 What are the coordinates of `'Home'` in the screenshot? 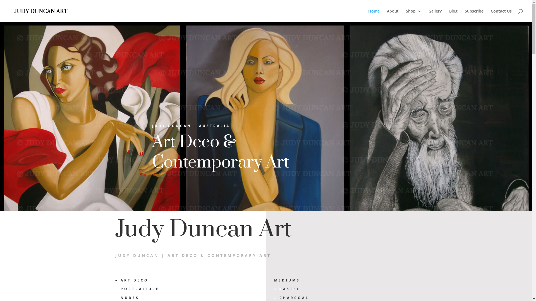 It's located at (368, 15).